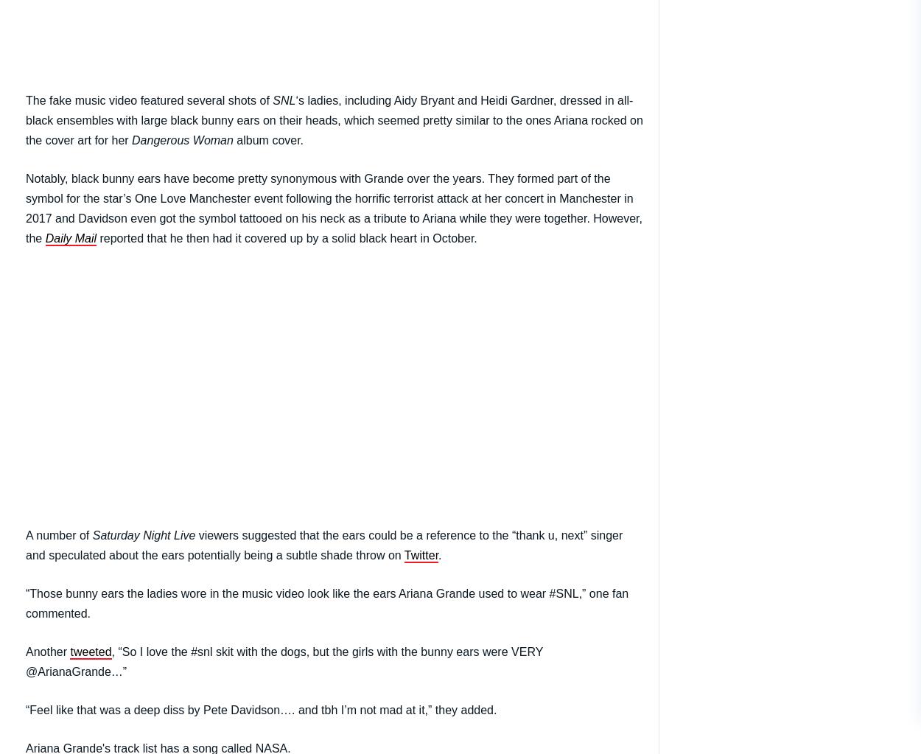  Describe the element at coordinates (404, 554) in the screenshot. I see `'Twitter'` at that location.